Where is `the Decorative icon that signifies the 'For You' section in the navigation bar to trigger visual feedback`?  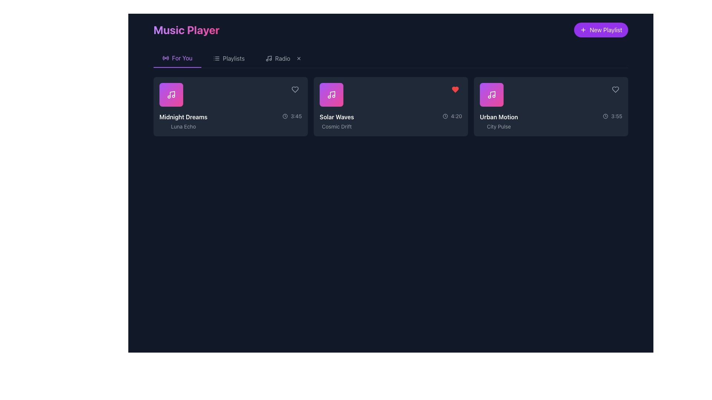
the Decorative icon that signifies the 'For You' section in the navigation bar to trigger visual feedback is located at coordinates (165, 58).